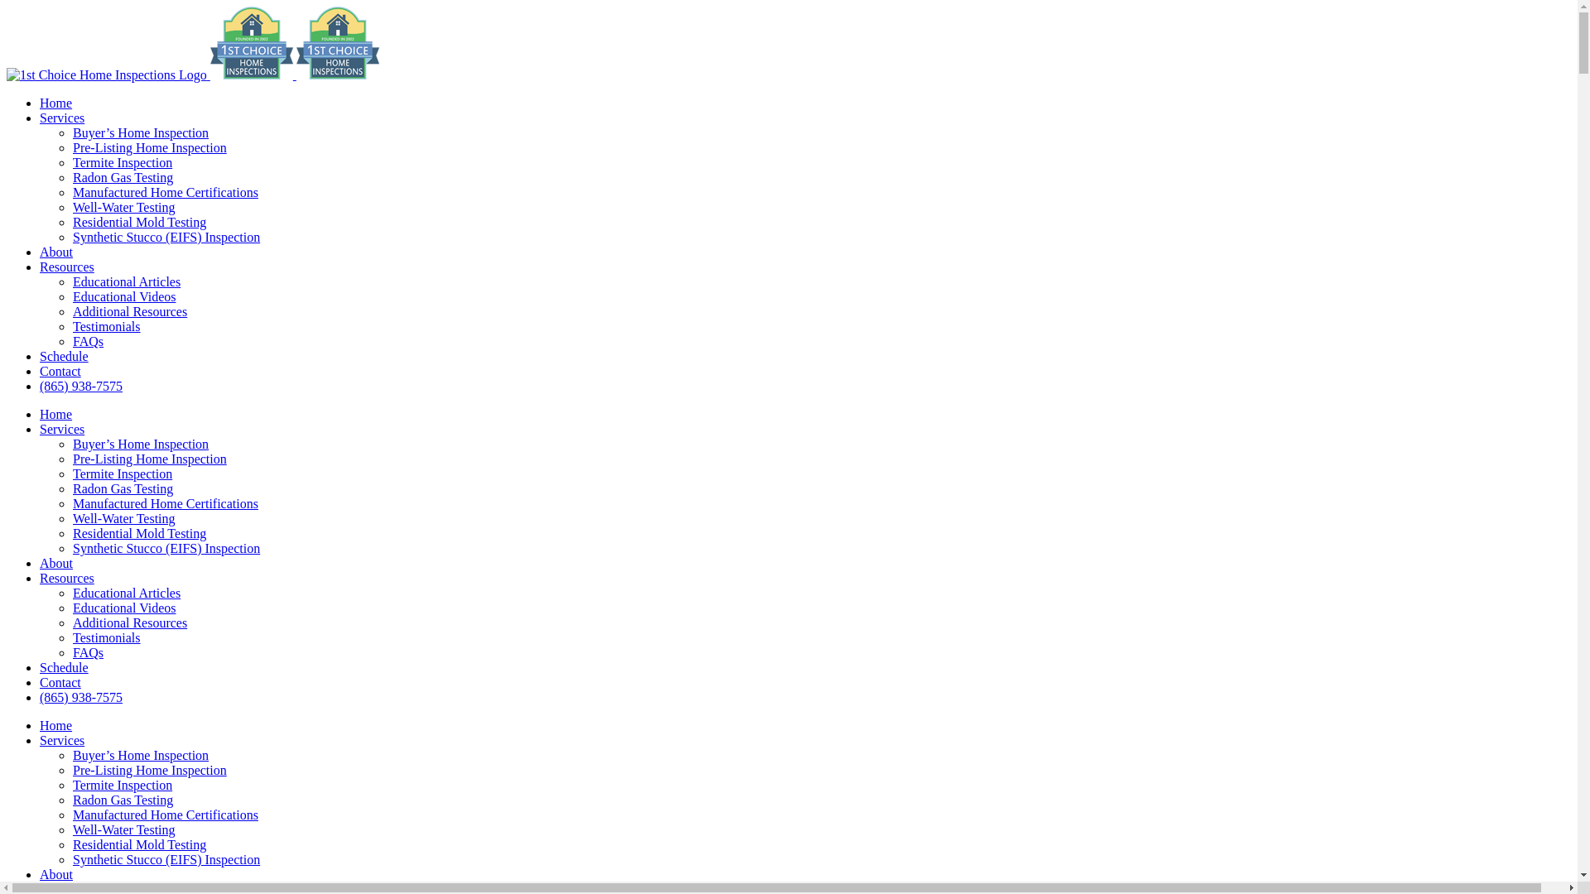  I want to click on 'Residential Mold Testing', so click(139, 844).